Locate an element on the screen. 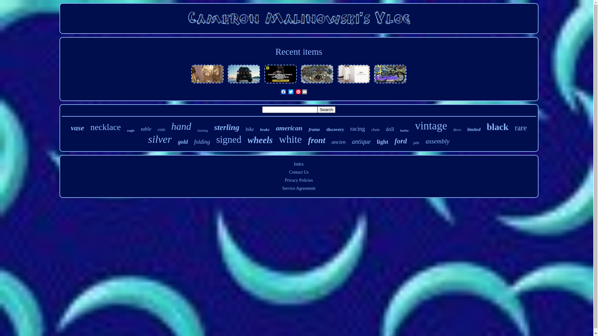 The height and width of the screenshot is (336, 598). 'vintage' is located at coordinates (415, 126).